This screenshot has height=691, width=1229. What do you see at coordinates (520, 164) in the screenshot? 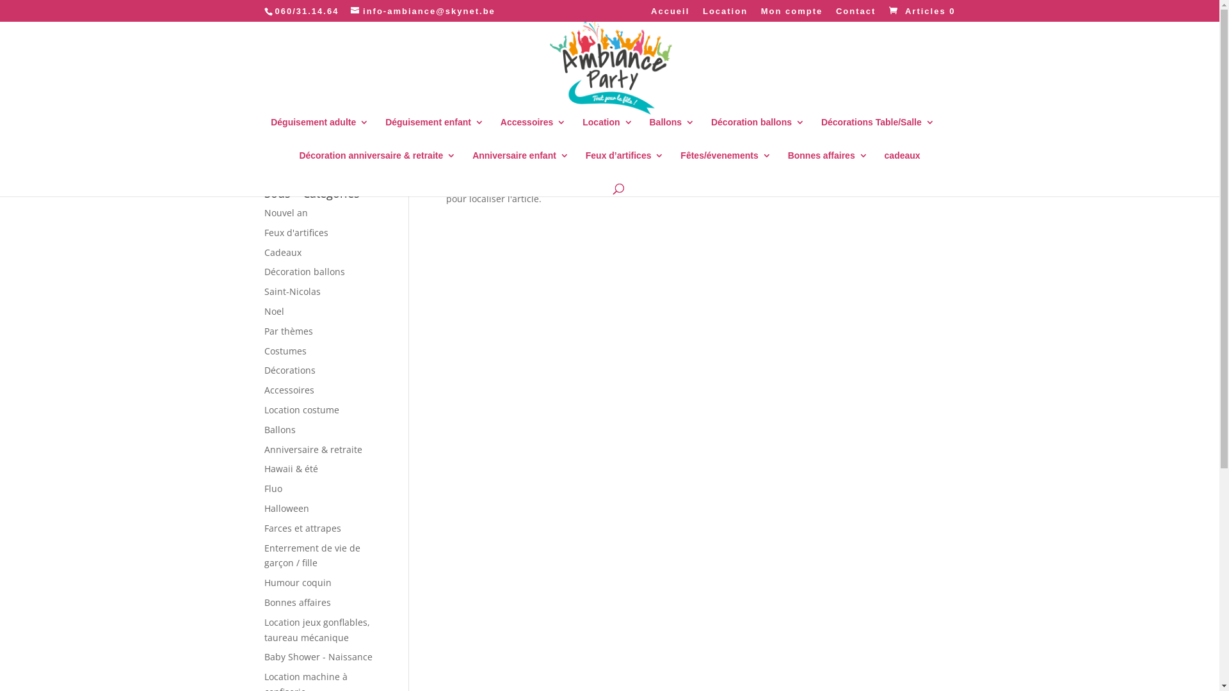
I see `'Anniversaire enfant'` at bounding box center [520, 164].